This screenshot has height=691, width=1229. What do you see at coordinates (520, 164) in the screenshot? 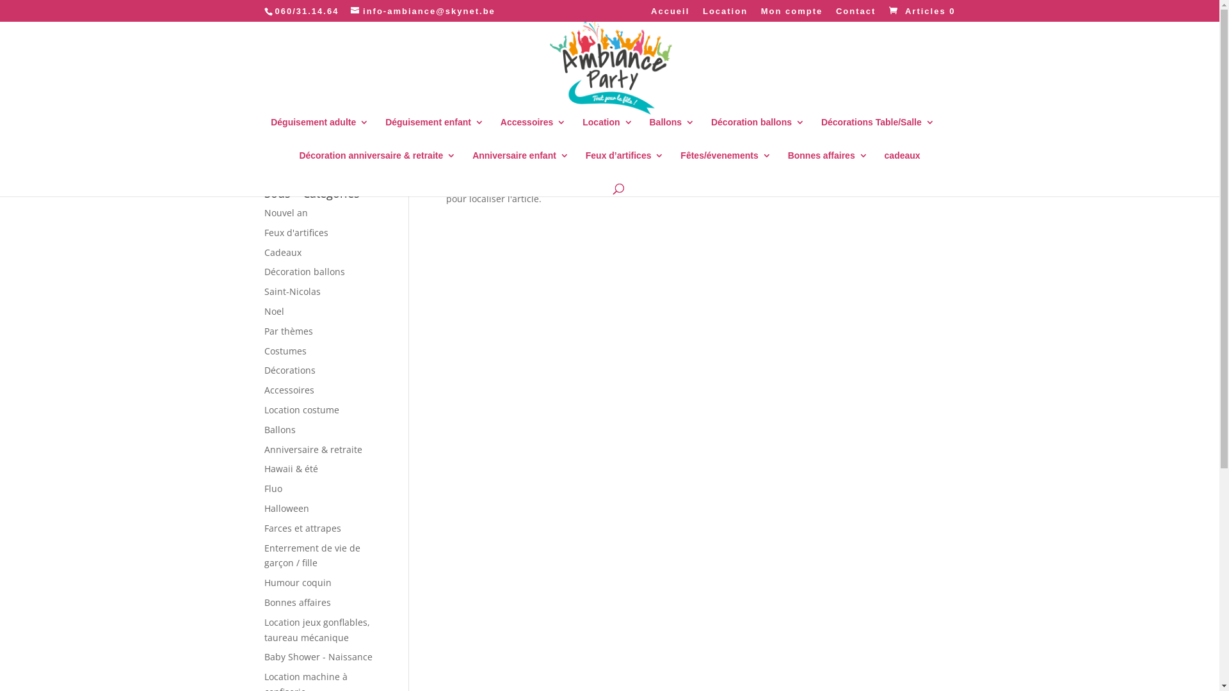
I see `'Anniversaire enfant'` at bounding box center [520, 164].